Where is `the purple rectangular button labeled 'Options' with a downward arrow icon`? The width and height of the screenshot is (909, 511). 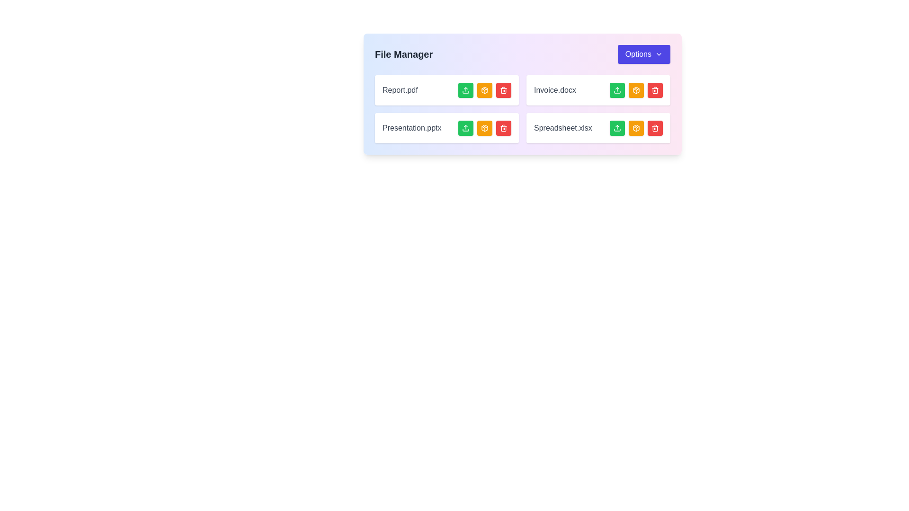 the purple rectangular button labeled 'Options' with a downward arrow icon is located at coordinates (643, 54).